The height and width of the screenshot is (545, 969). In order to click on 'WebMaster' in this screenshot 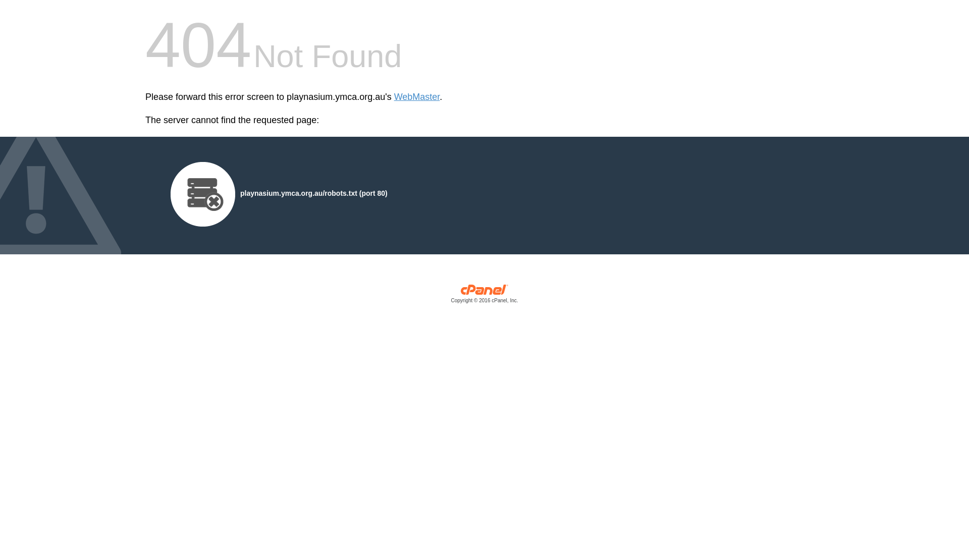, I will do `click(417, 97)`.